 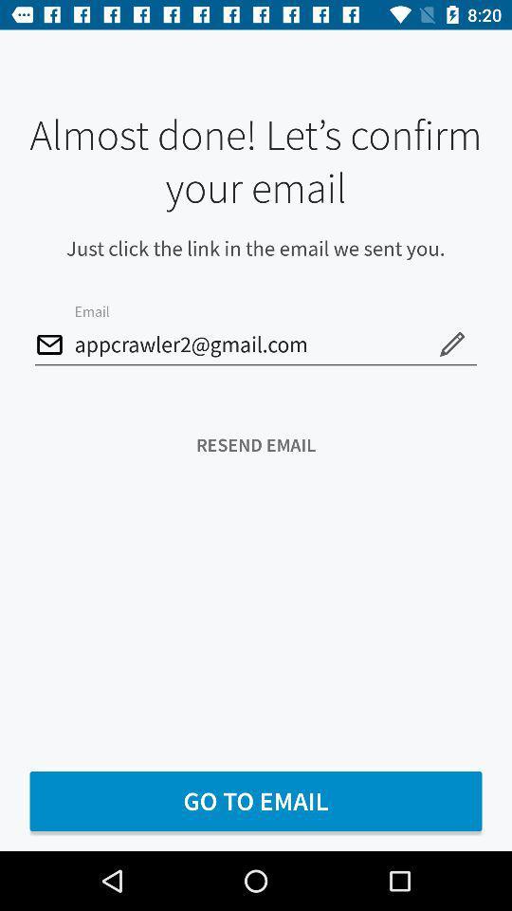 What do you see at coordinates (450, 343) in the screenshot?
I see `icon on the right` at bounding box center [450, 343].